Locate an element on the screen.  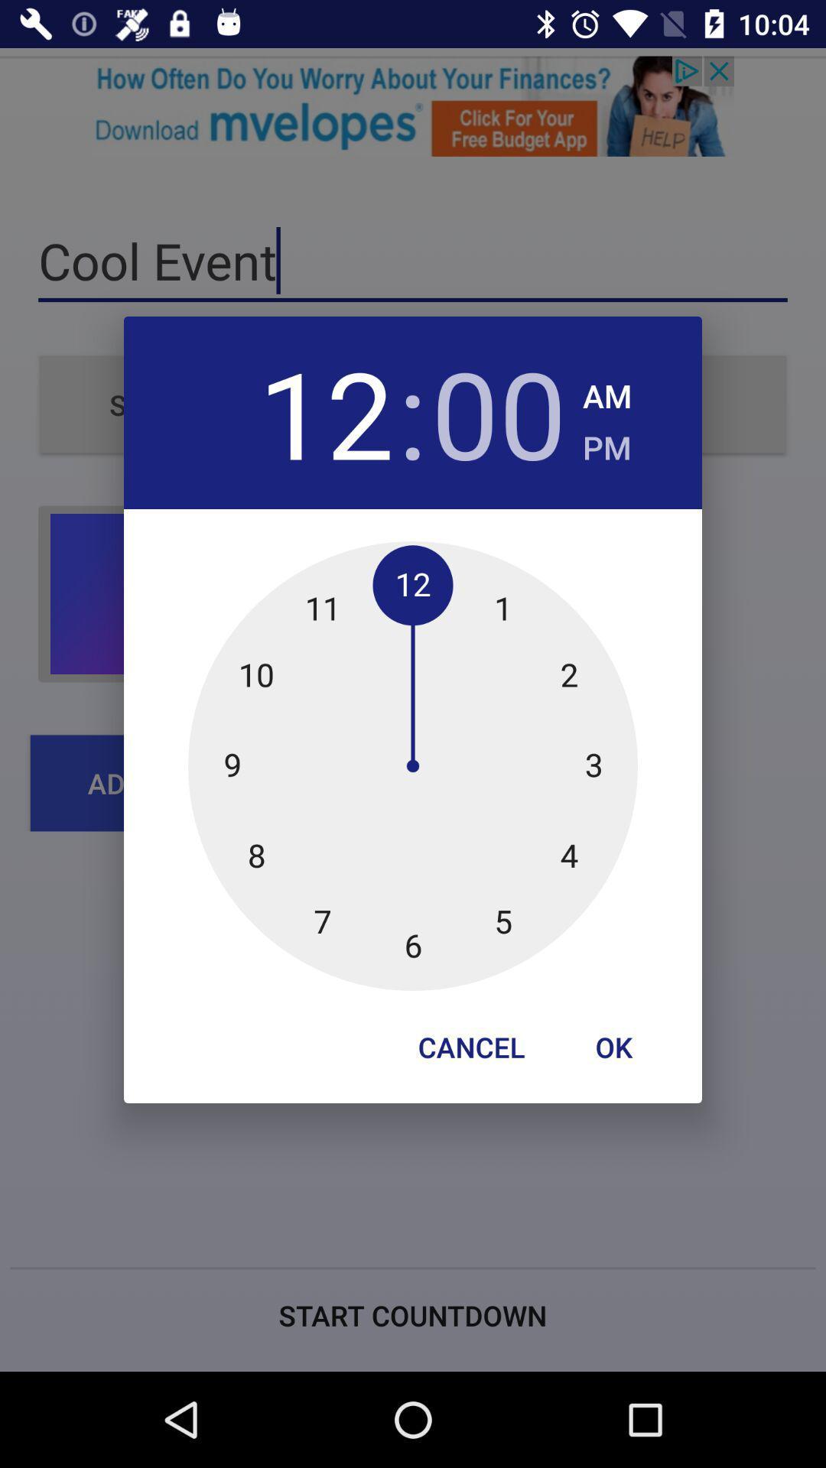
the item next to : app is located at coordinates (499, 412).